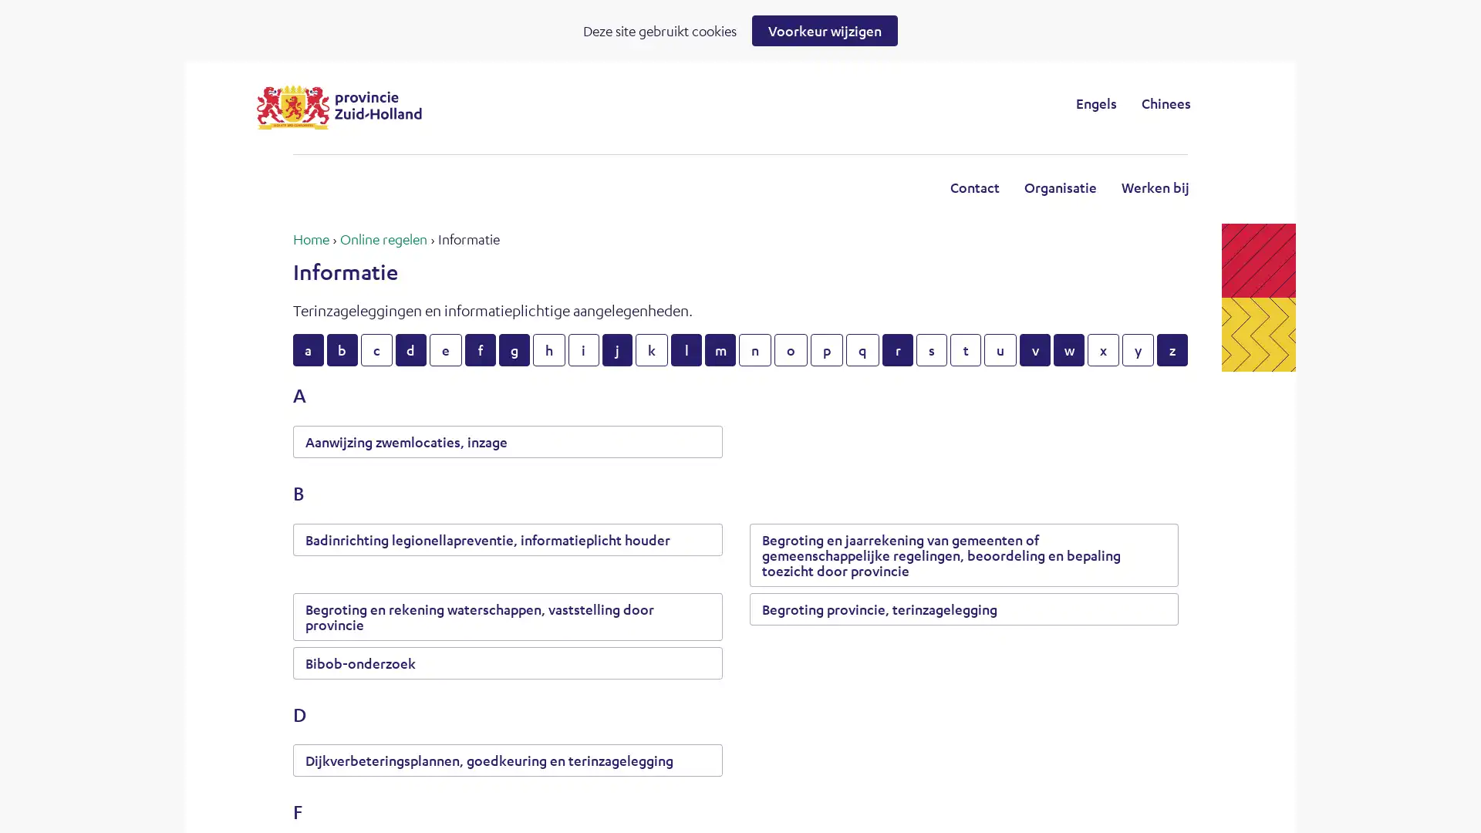  Describe the element at coordinates (867, 103) in the screenshot. I see `Zoeken` at that location.